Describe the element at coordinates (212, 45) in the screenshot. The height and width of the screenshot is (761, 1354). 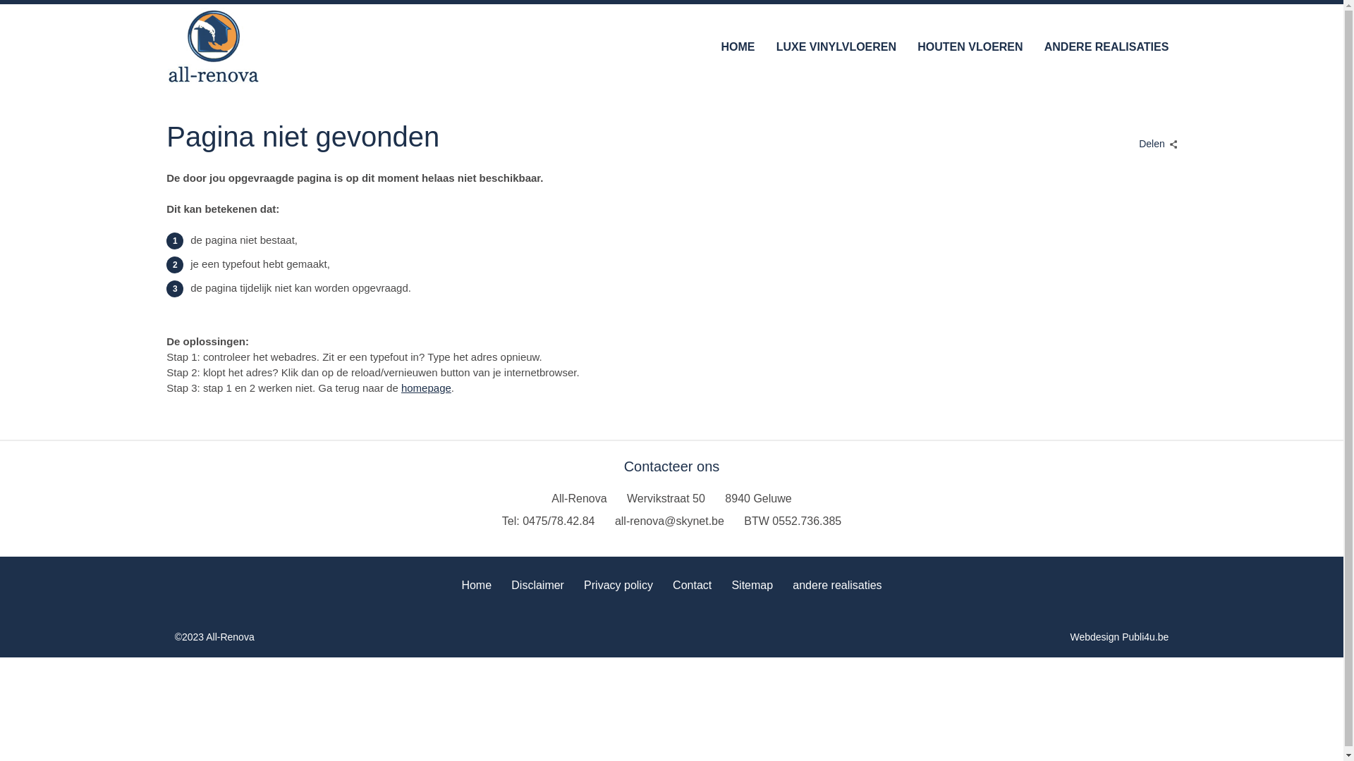
I see `'All-Renova'` at that location.